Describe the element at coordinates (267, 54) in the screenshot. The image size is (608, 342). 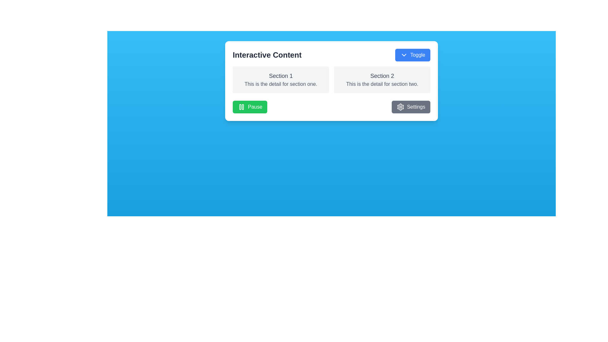
I see `the text label displaying 'Interactive Content', which is a bold, large gray font positioned at the top-left of the section, aligned left of a toggle button` at that location.